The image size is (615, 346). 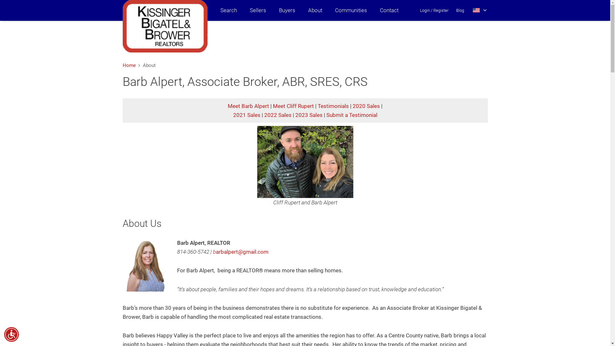 I want to click on 'barbalpert@gmail.com', so click(x=240, y=251).